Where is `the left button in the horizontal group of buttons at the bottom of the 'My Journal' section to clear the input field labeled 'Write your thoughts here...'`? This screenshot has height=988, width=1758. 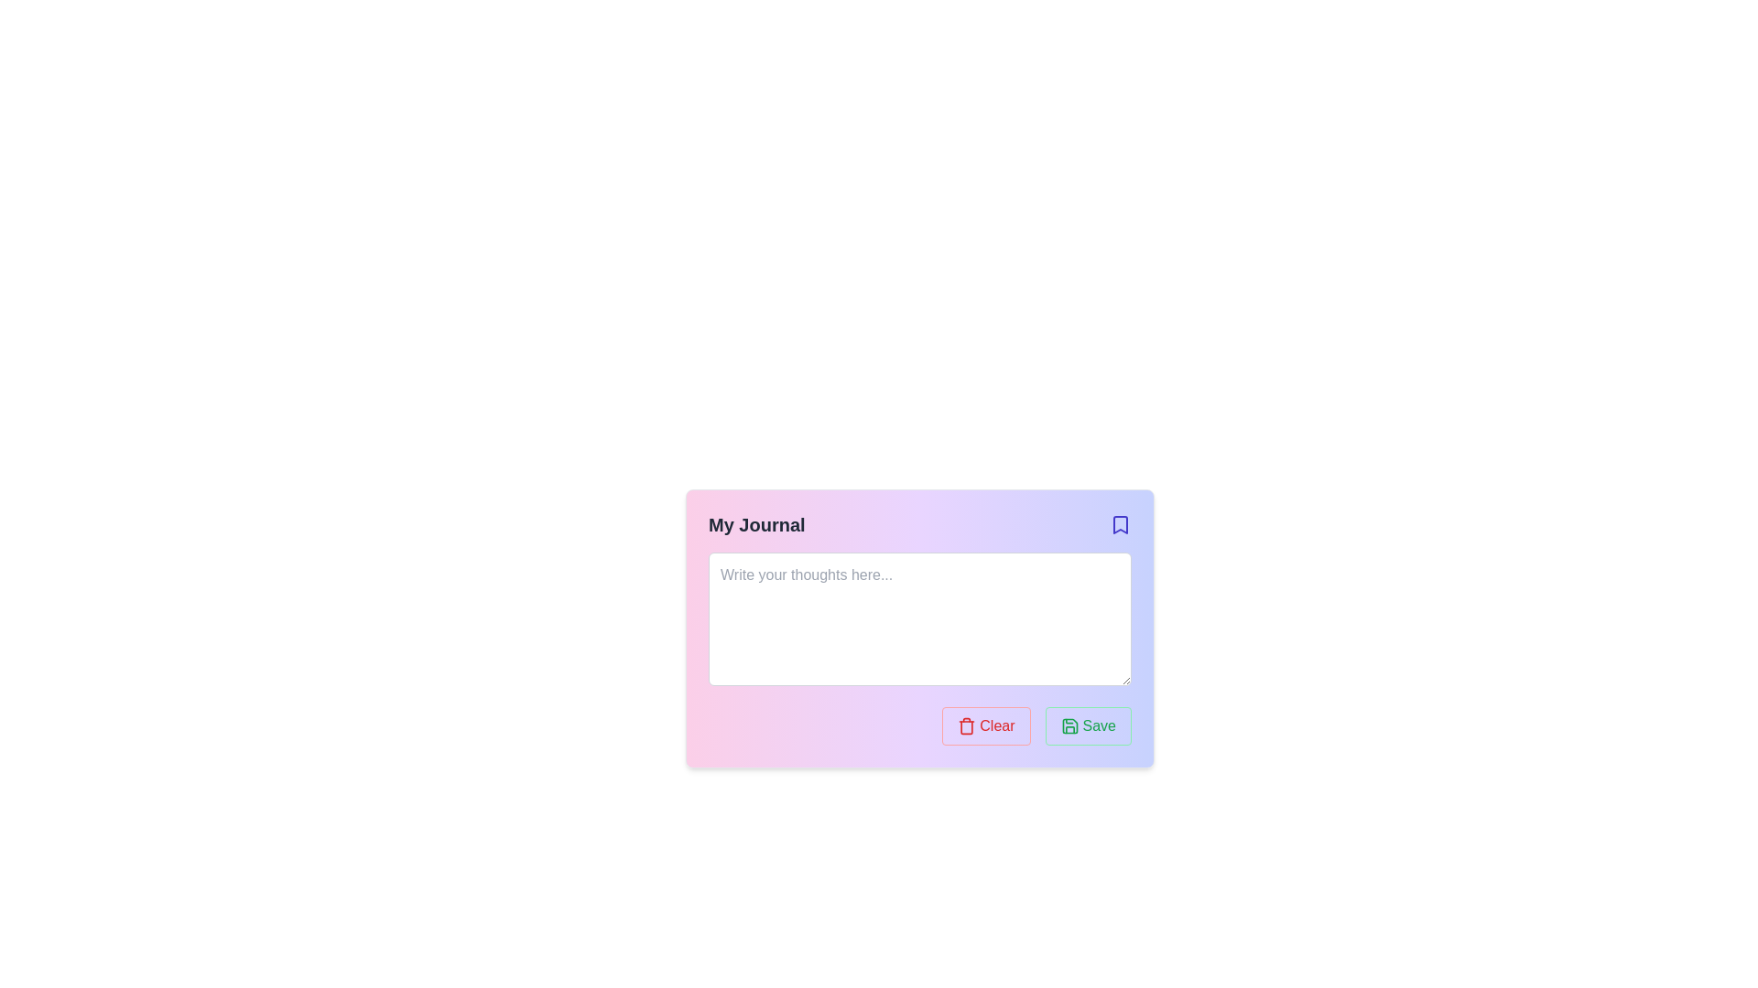
the left button in the horizontal group of buttons at the bottom of the 'My Journal' section to clear the input field labeled 'Write your thoughts here...' is located at coordinates (985, 725).